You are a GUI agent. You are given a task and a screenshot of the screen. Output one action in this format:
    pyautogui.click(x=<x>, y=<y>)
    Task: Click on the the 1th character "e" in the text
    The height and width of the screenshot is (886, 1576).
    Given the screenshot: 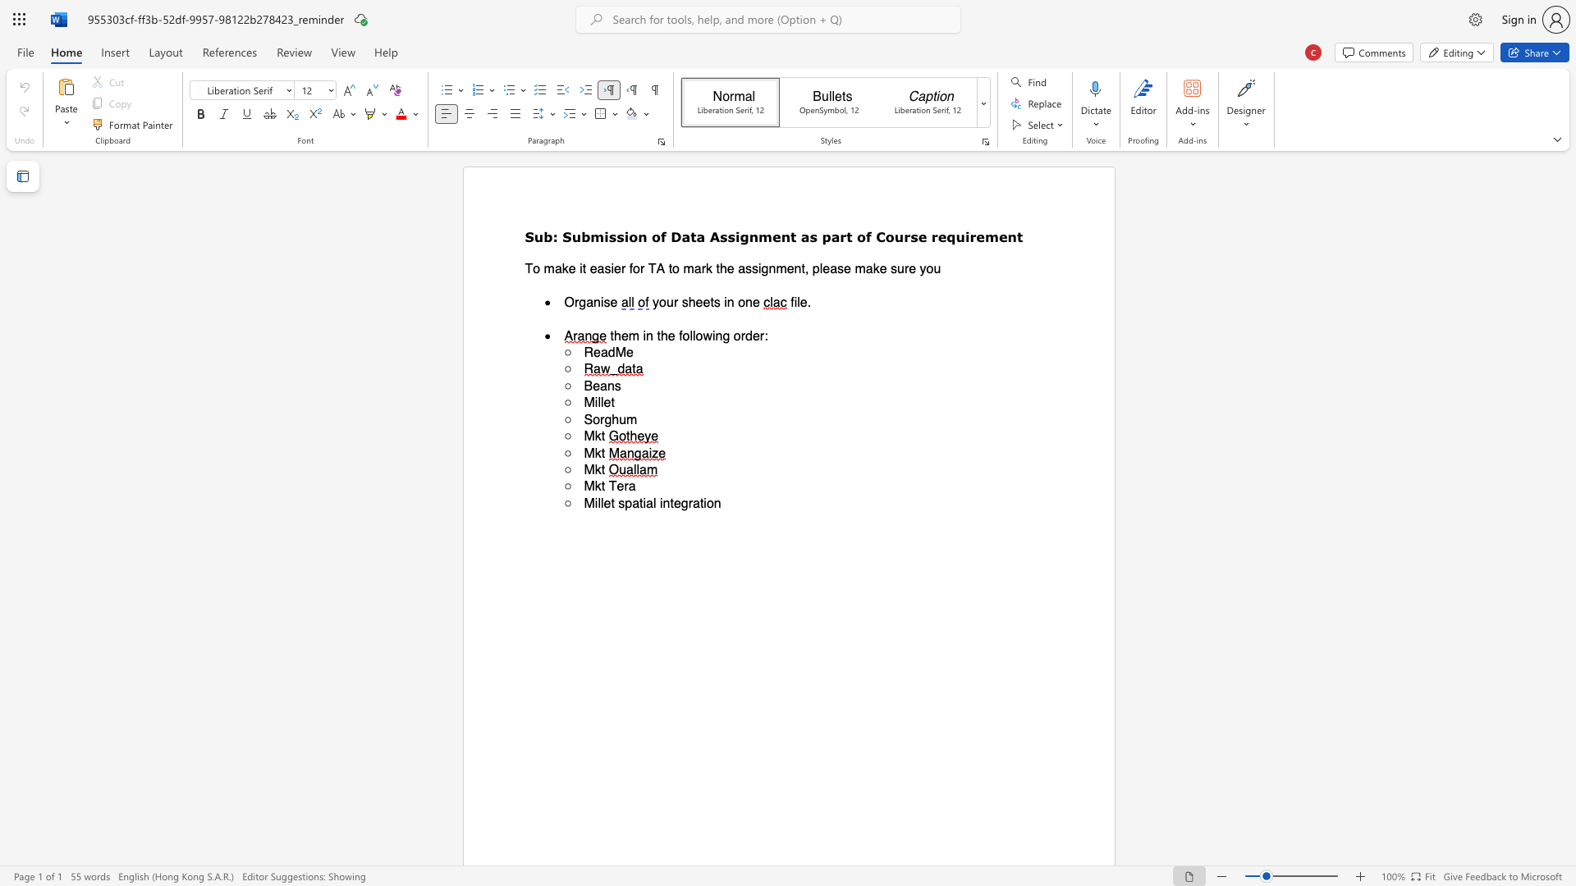 What is the action you would take?
    pyautogui.click(x=699, y=302)
    